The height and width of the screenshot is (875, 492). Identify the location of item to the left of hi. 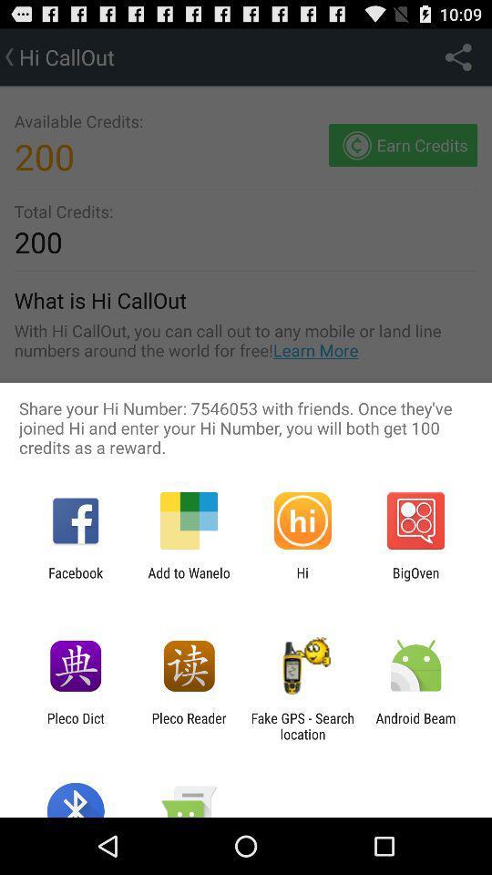
(188, 580).